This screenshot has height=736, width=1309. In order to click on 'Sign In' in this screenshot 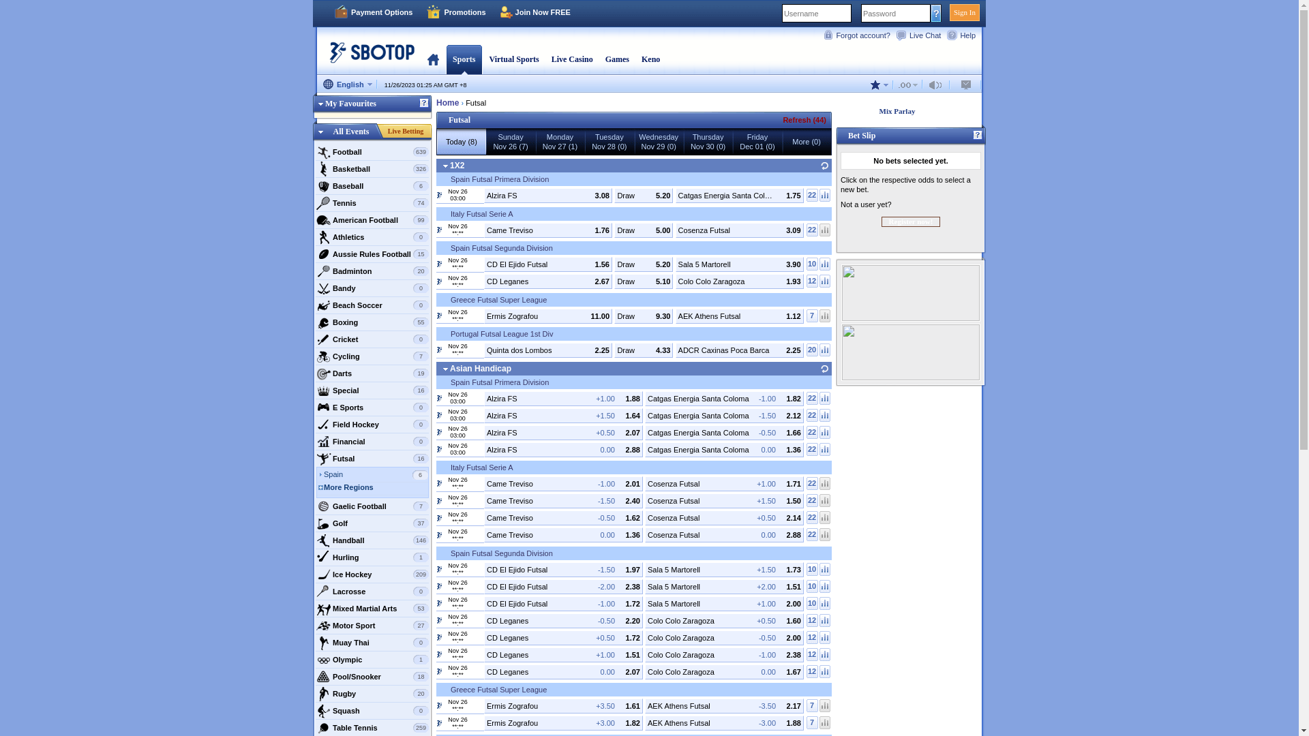, I will do `click(964, 12)`.